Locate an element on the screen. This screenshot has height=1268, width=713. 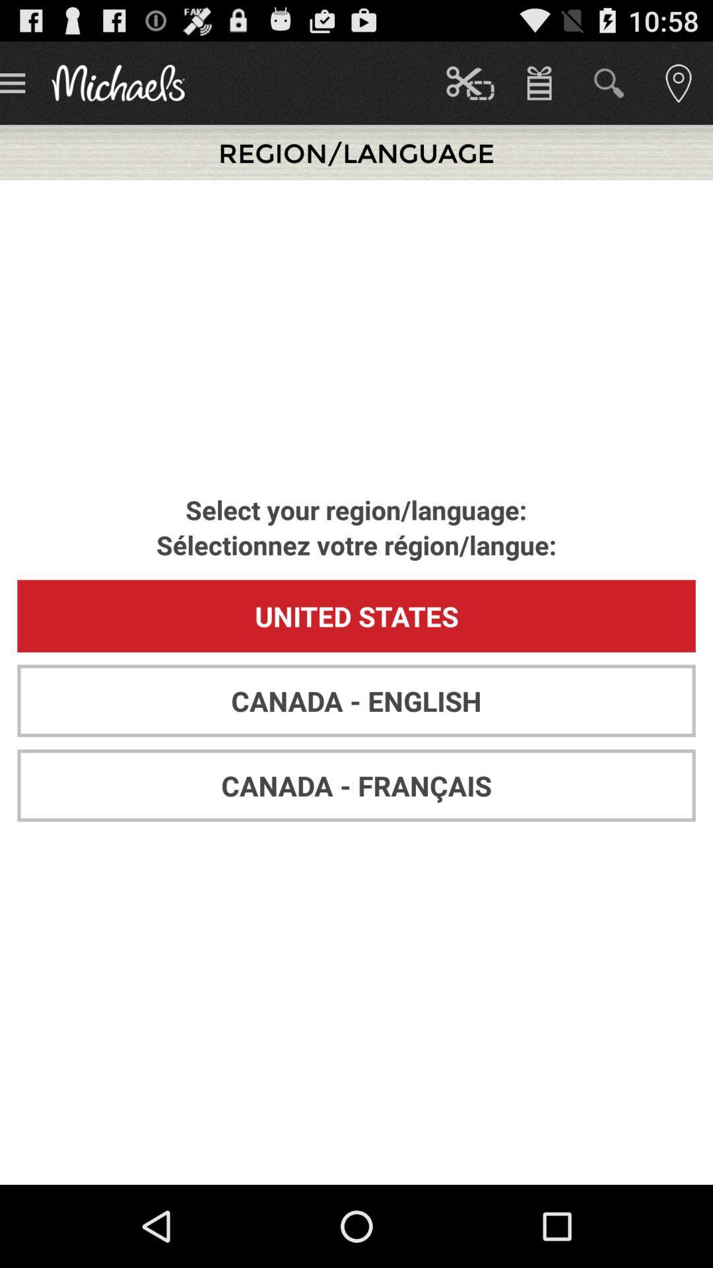
canada - english app is located at coordinates (356, 700).